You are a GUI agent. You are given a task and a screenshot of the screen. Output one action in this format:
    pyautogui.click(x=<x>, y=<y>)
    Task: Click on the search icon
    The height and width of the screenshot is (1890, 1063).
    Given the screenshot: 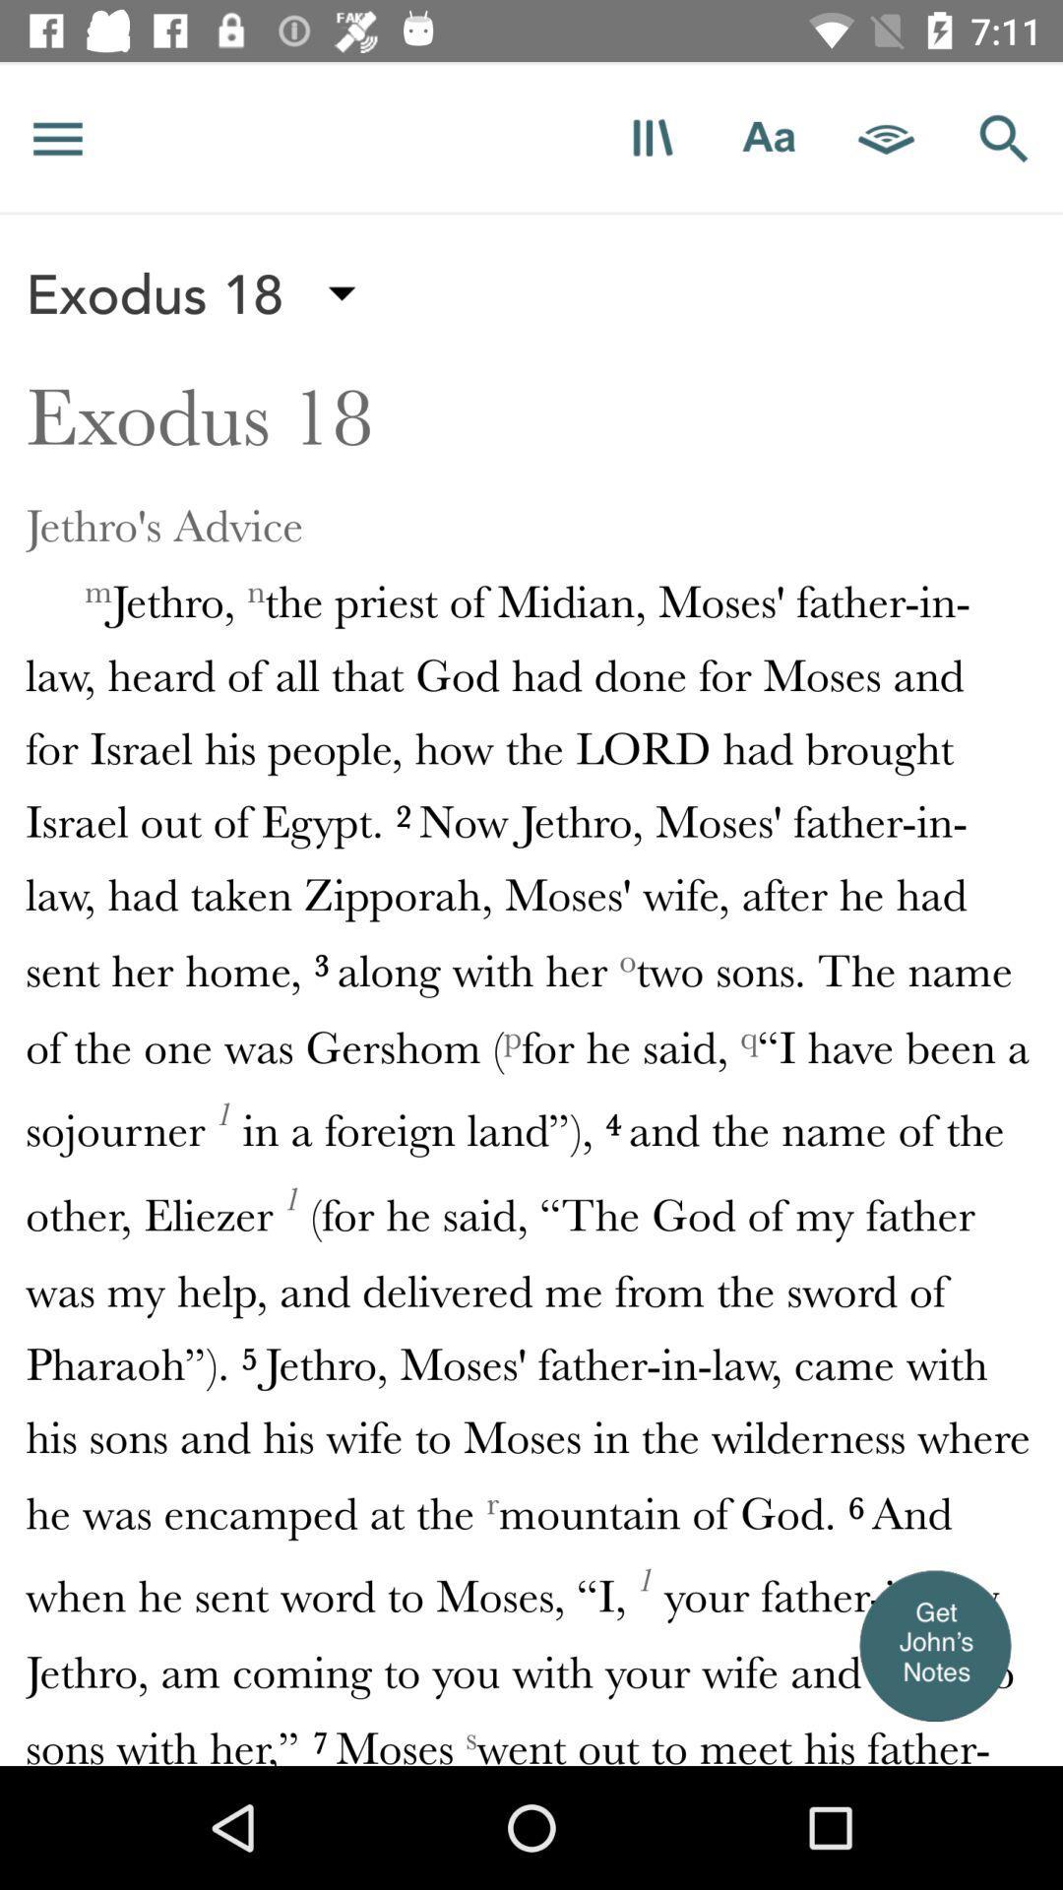 What is the action you would take?
    pyautogui.click(x=1004, y=137)
    